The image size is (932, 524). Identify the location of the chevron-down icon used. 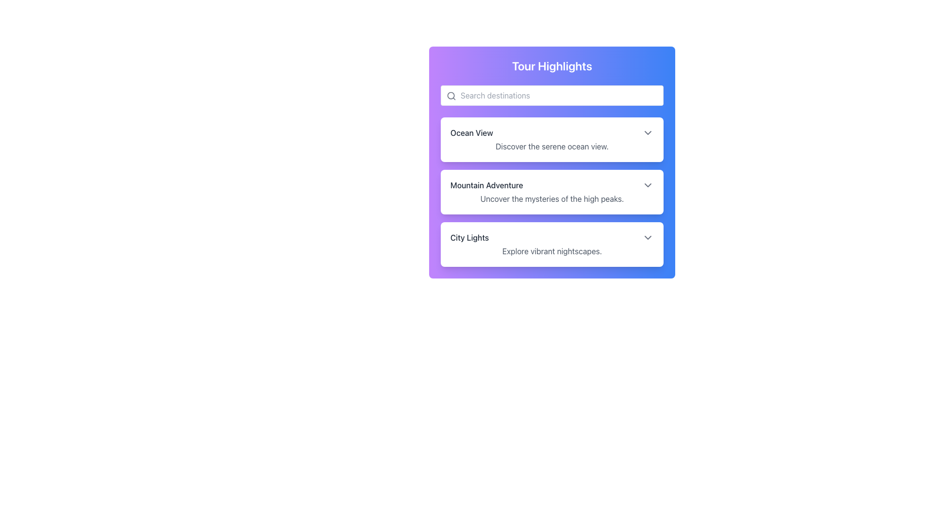
(648, 185).